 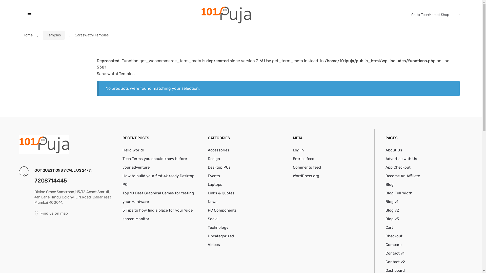 What do you see at coordinates (392, 219) in the screenshot?
I see `'Blog v3'` at bounding box center [392, 219].